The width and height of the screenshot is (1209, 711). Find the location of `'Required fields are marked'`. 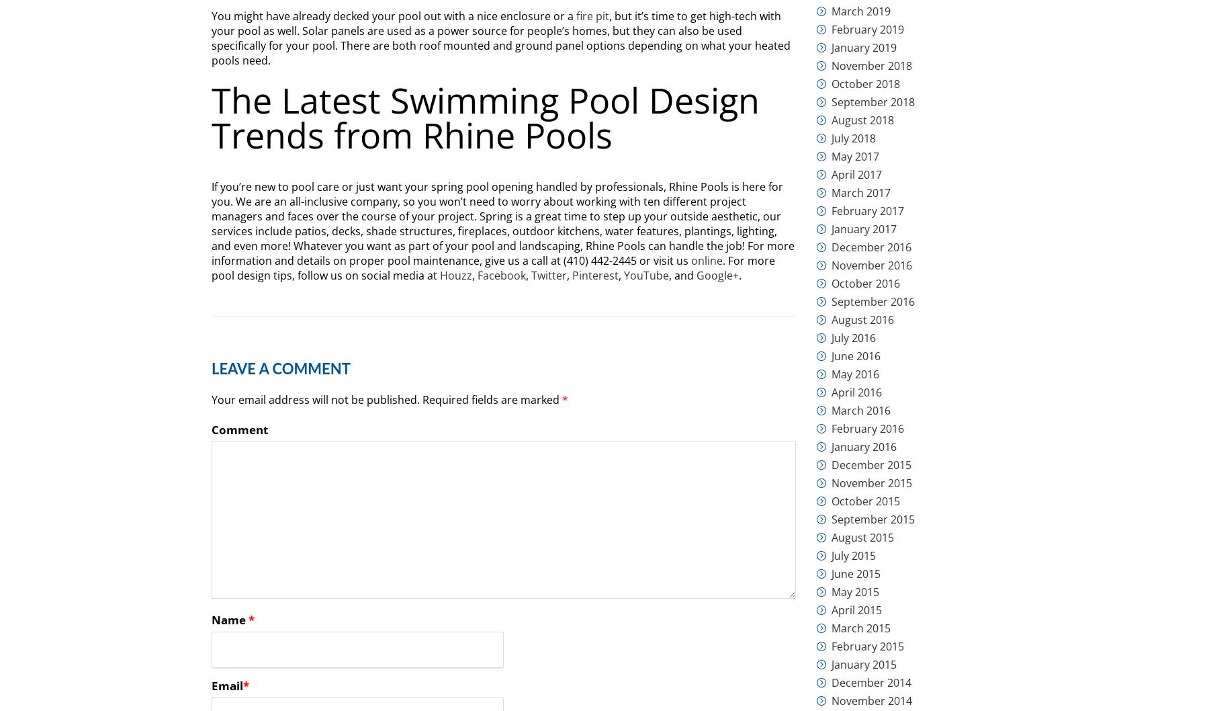

'Required fields are marked' is located at coordinates (491, 400).